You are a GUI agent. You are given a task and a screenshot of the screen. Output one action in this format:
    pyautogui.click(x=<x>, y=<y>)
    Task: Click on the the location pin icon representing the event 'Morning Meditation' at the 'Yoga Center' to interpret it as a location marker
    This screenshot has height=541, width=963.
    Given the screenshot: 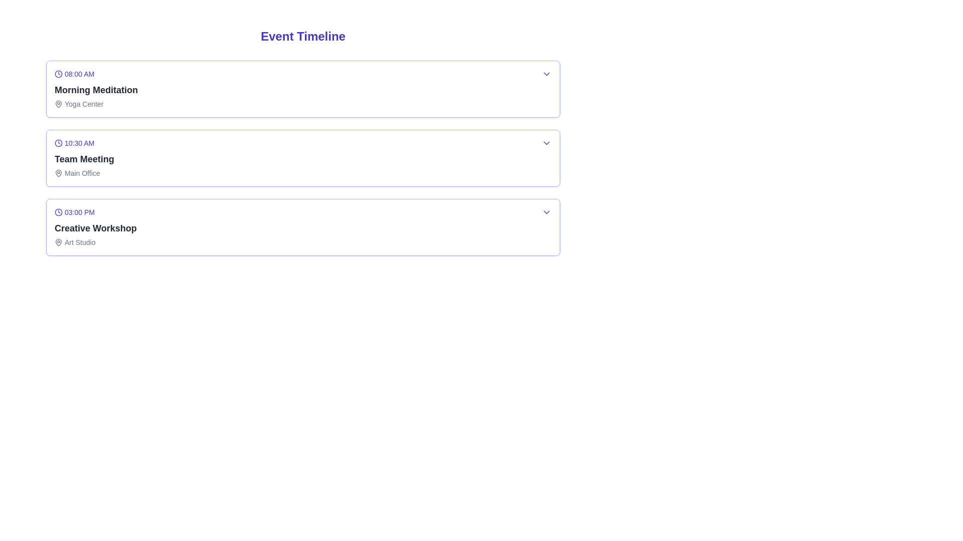 What is the action you would take?
    pyautogui.click(x=58, y=104)
    